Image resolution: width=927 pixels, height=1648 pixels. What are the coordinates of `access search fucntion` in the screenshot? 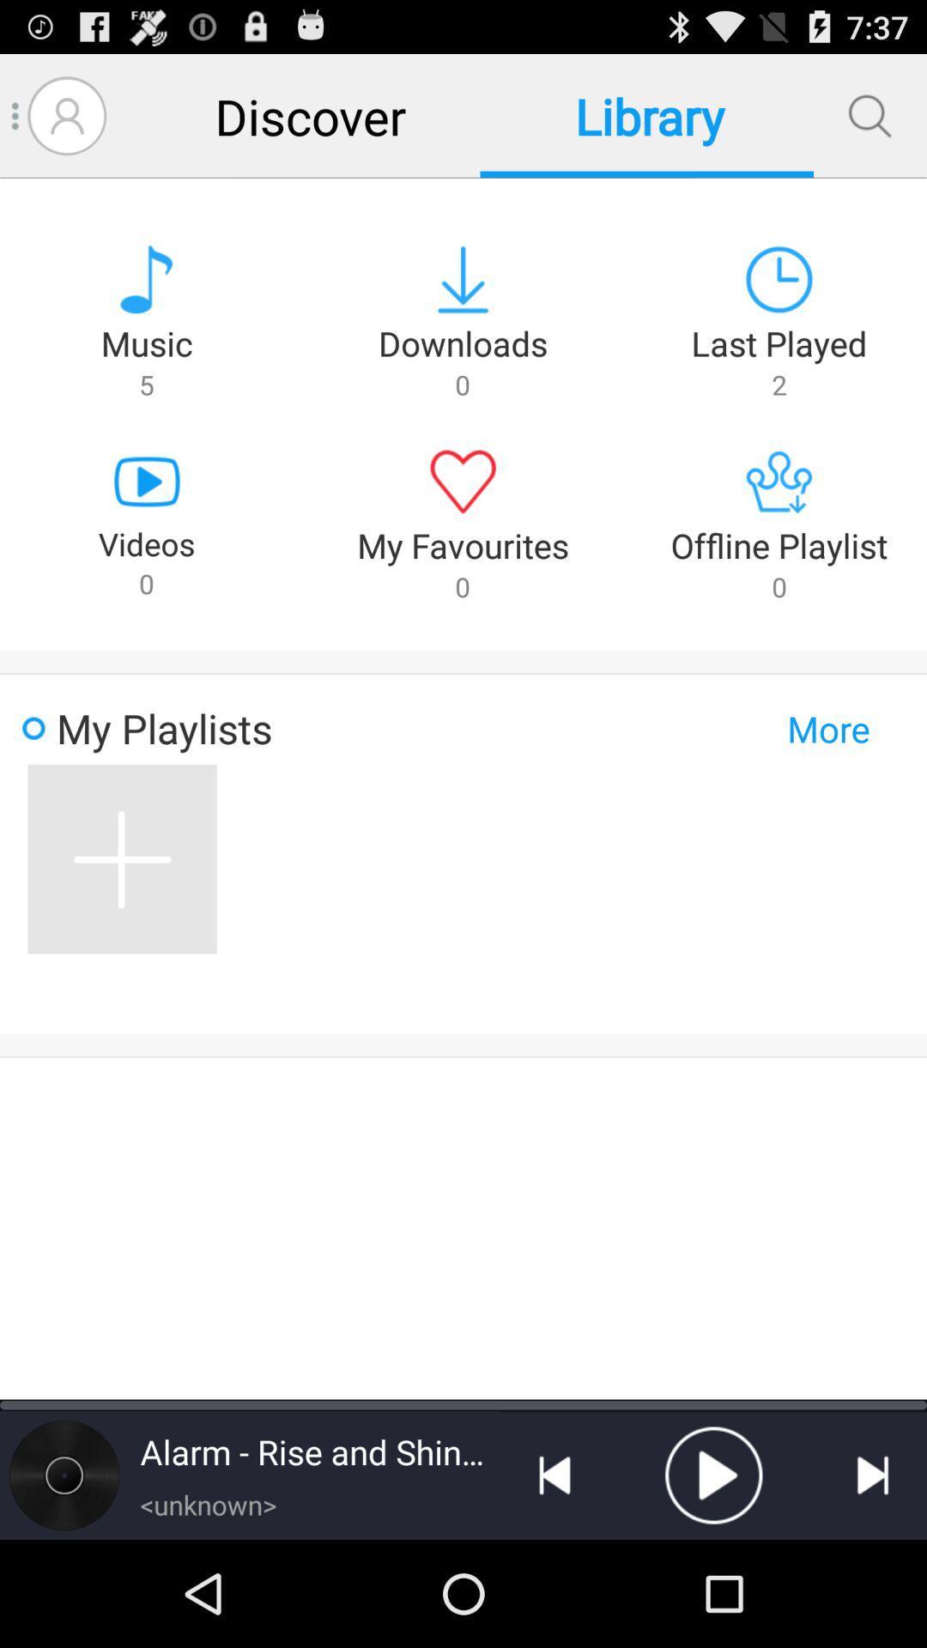 It's located at (869, 115).